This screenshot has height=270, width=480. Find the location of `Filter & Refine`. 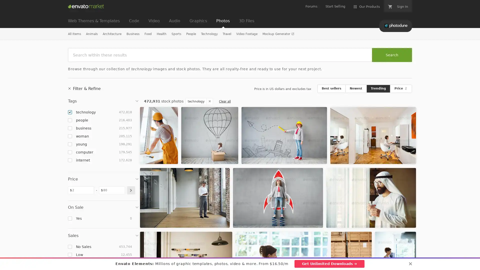

Filter & Refine is located at coordinates (88, 88).